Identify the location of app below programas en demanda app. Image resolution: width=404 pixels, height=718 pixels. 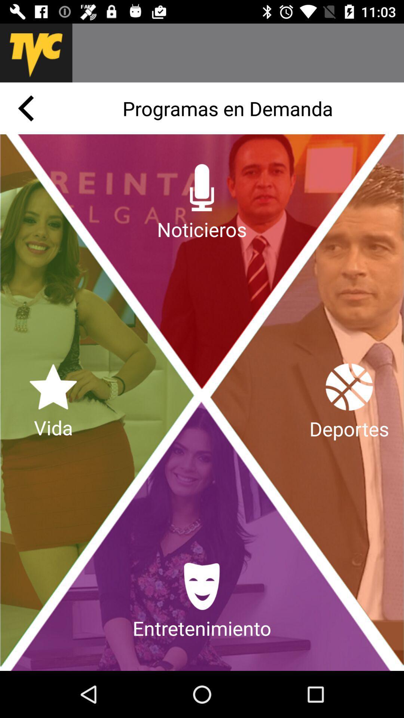
(349, 402).